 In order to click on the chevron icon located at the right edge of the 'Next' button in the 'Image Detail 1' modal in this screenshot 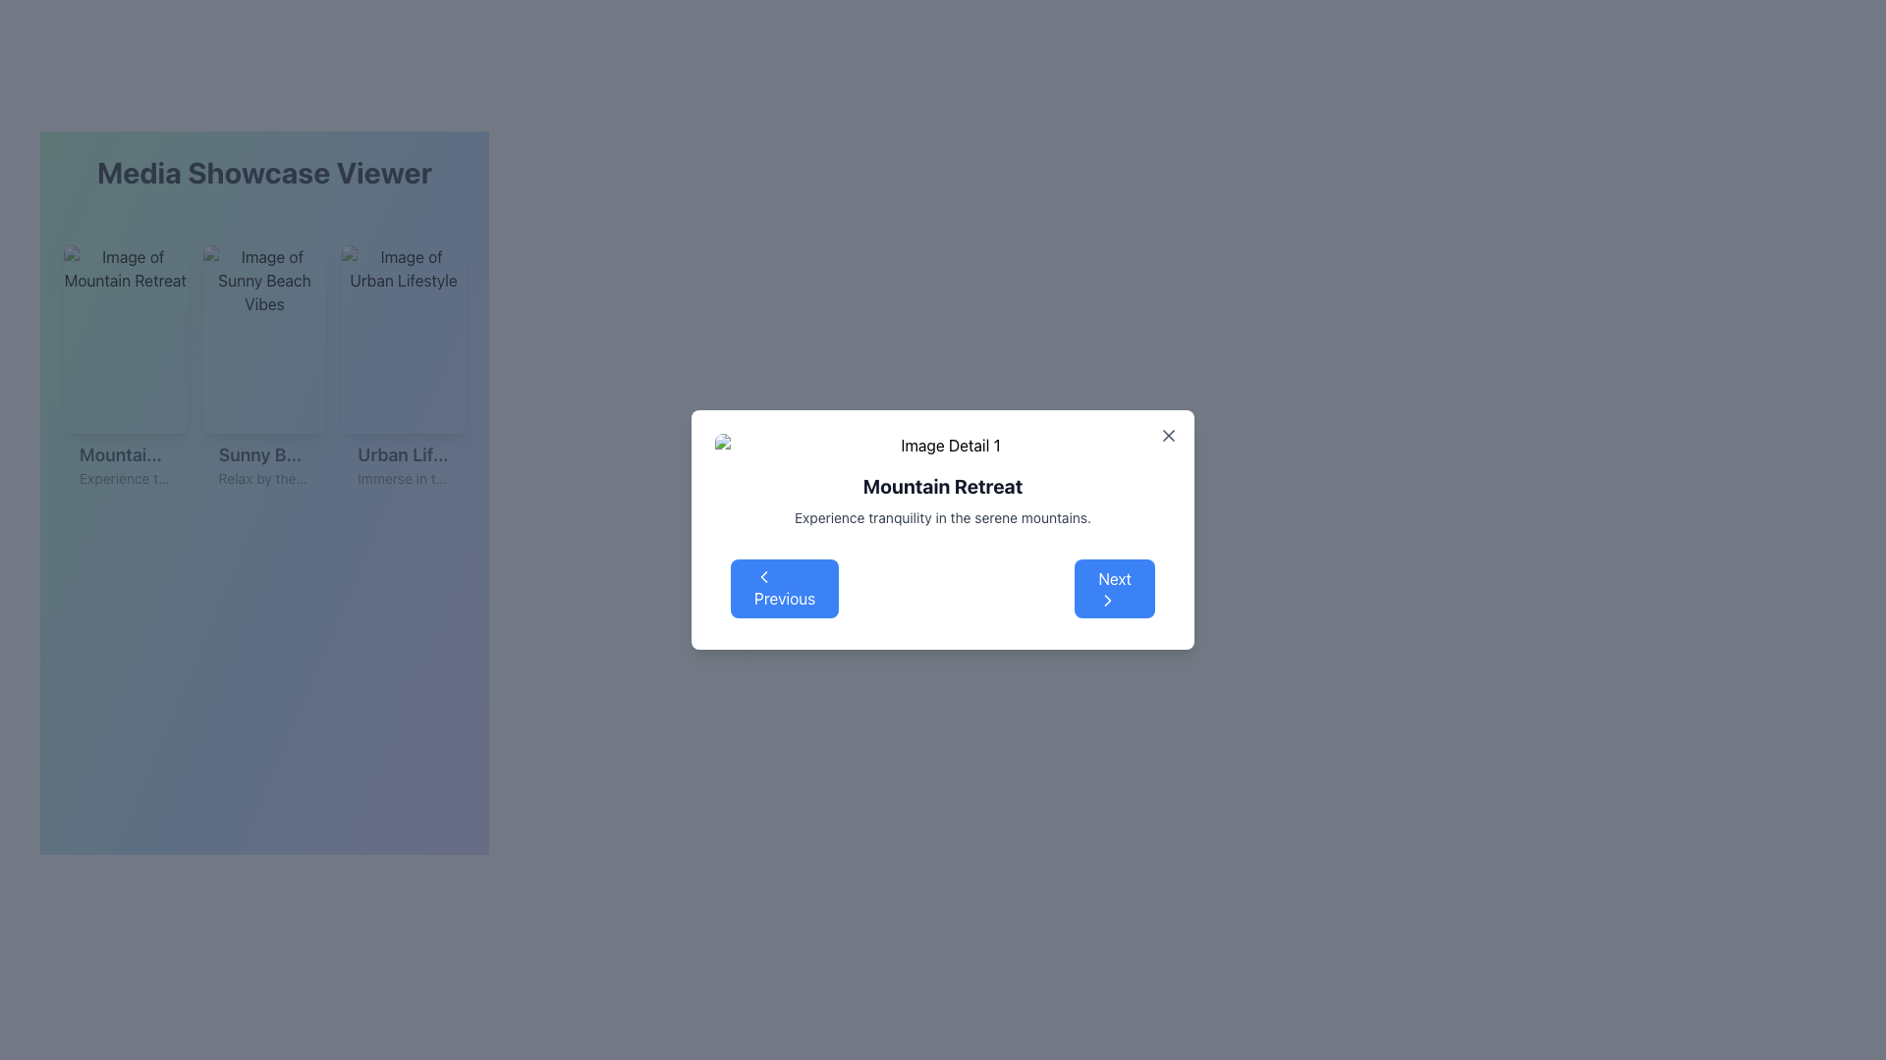, I will do `click(1108, 600)`.